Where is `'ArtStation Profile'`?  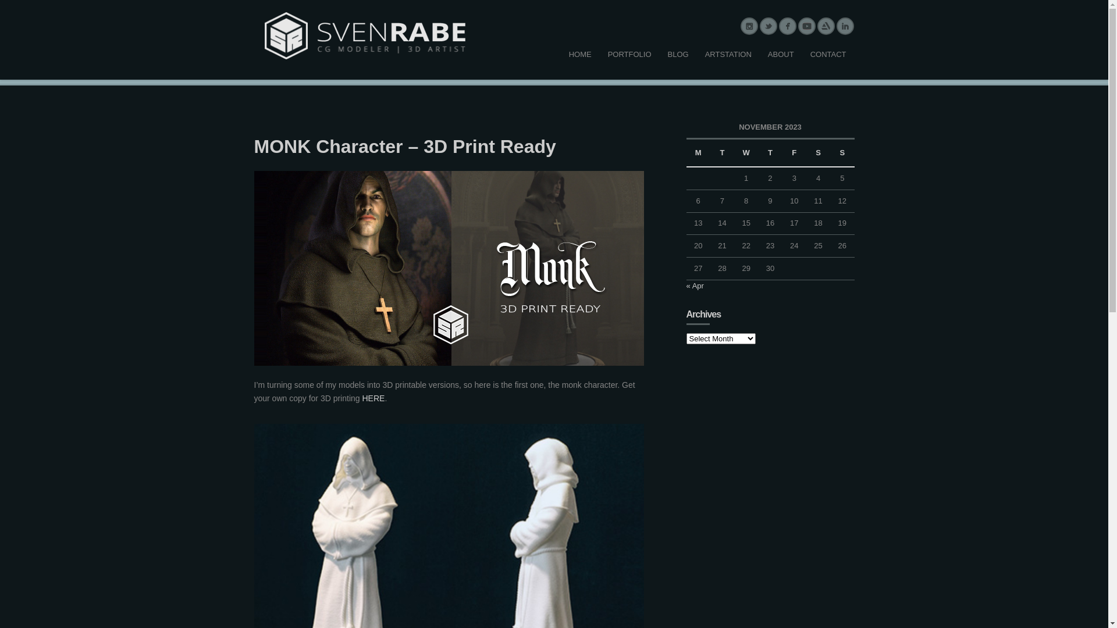
'ArtStation Profile' is located at coordinates (826, 26).